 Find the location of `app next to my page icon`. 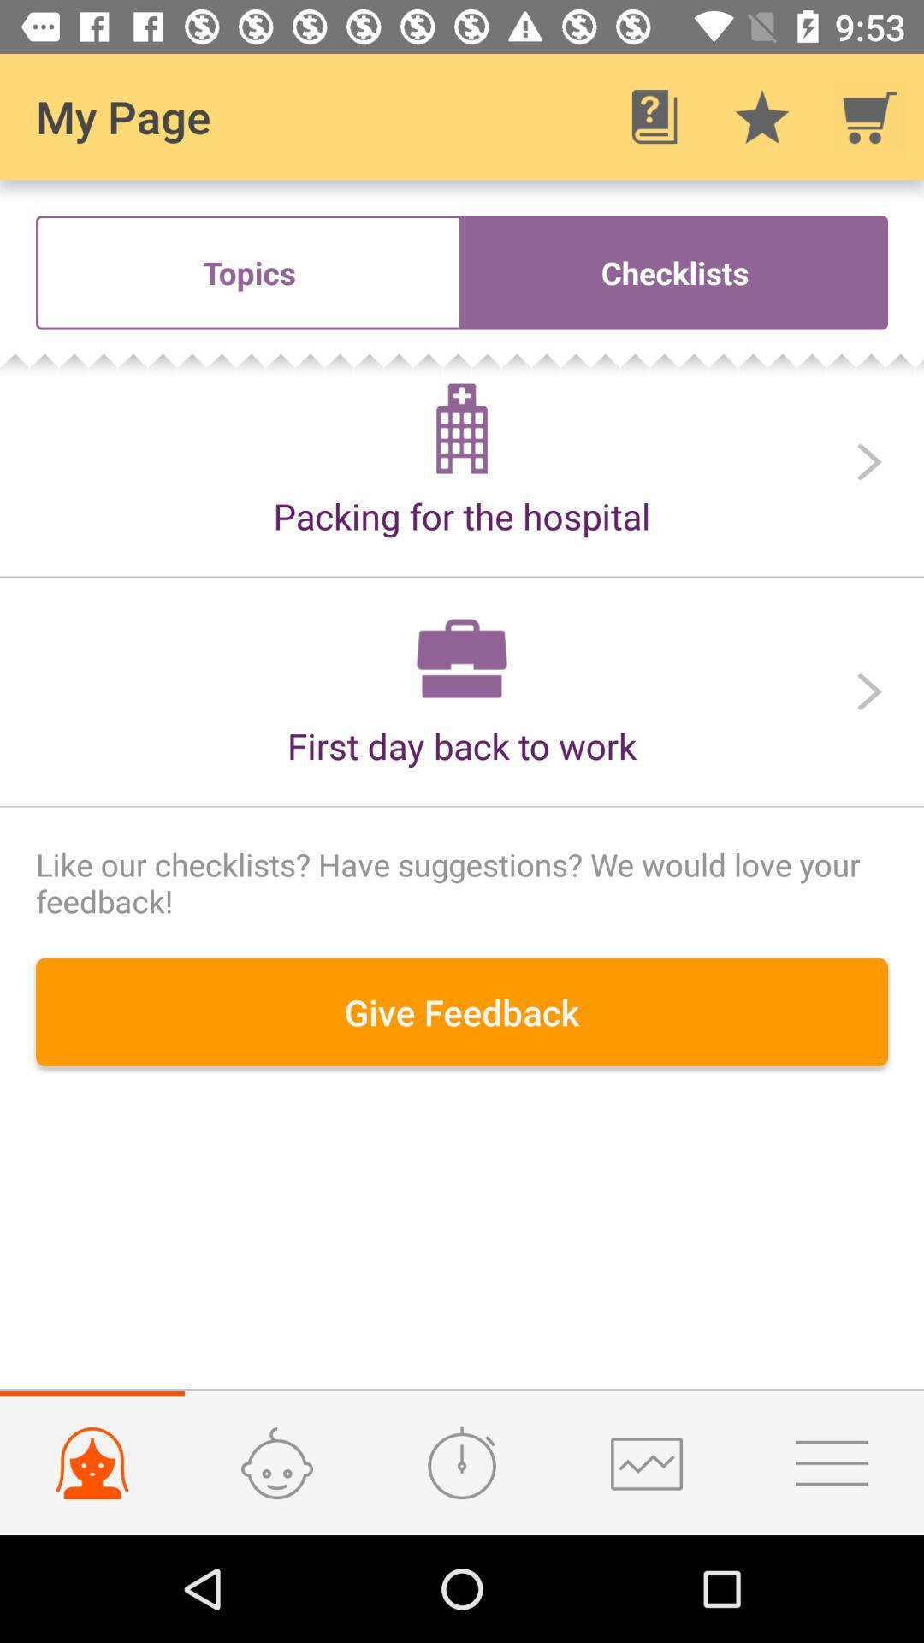

app next to my page icon is located at coordinates (654, 116).